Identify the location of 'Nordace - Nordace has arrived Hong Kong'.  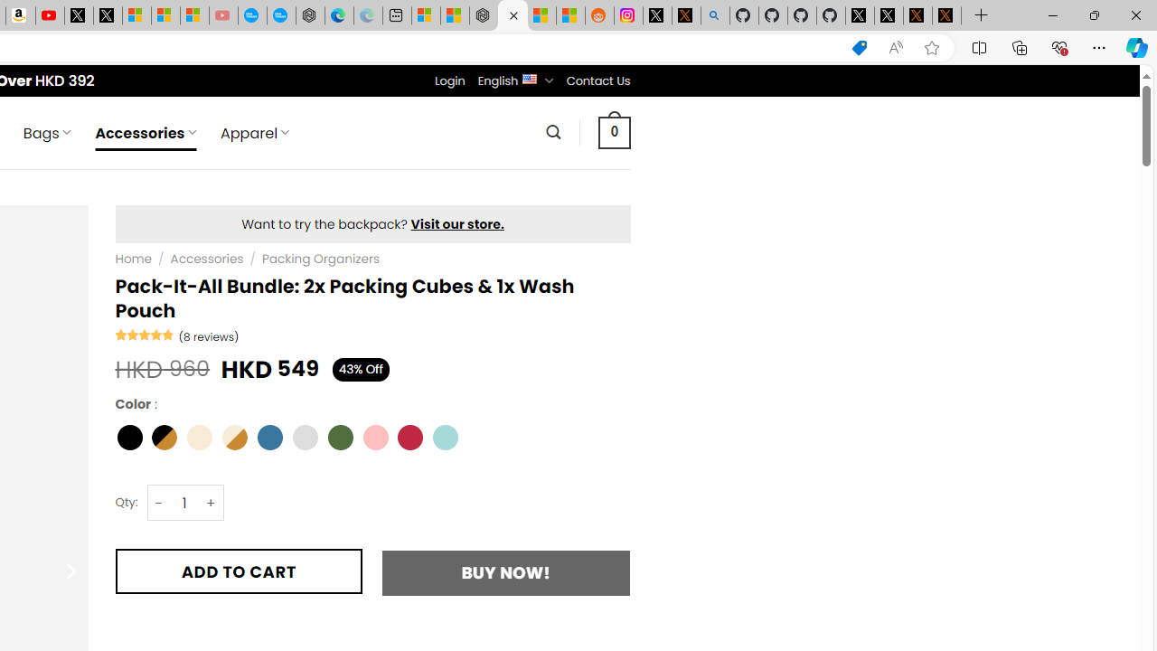
(310, 15).